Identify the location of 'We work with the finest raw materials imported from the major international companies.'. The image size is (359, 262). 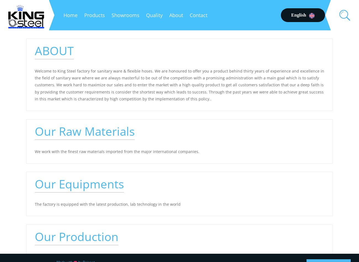
(34, 151).